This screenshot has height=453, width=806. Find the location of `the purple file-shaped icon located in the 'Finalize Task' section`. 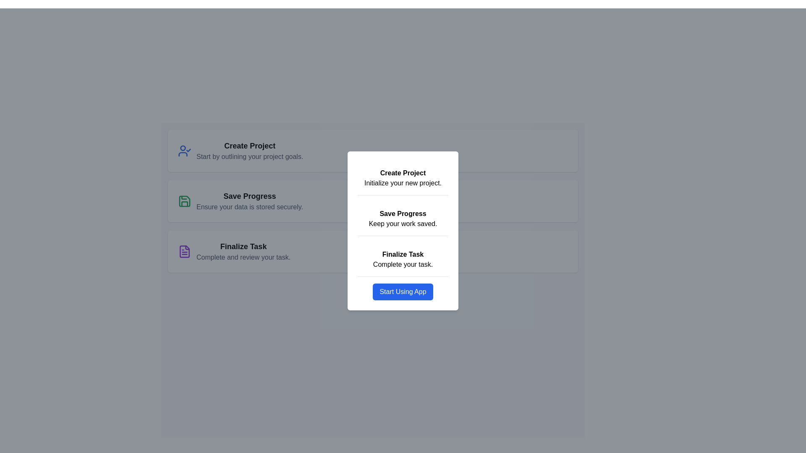

the purple file-shaped icon located in the 'Finalize Task' section is located at coordinates (184, 251).